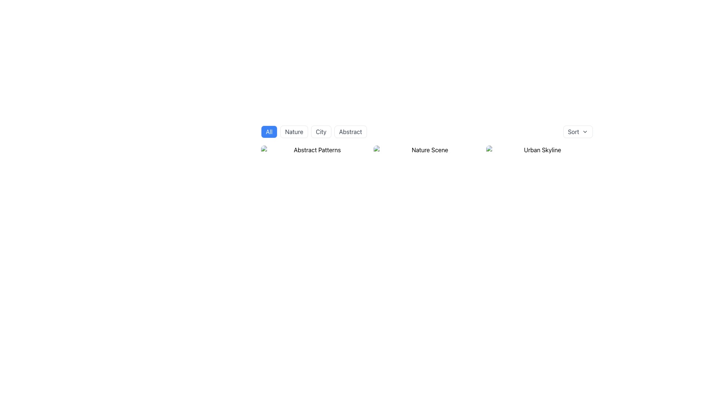 This screenshot has height=400, width=711. I want to click on the 'All' button in the button group, which is highlighted with a blue background, so click(314, 131).